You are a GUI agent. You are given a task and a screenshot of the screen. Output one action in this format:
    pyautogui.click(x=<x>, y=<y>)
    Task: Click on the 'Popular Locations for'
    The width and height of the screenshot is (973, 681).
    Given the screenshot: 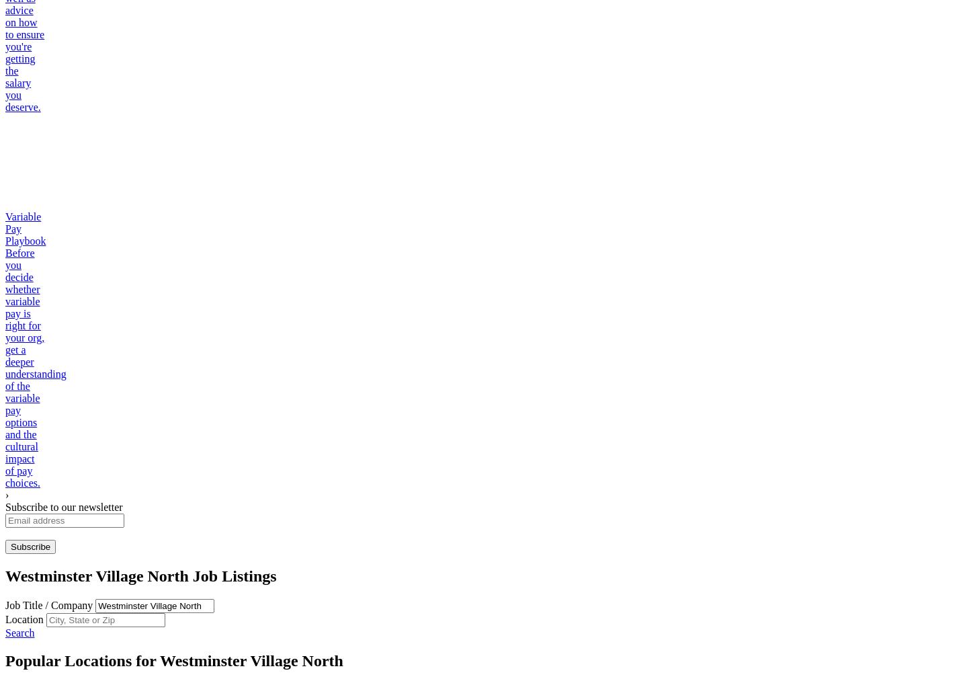 What is the action you would take?
    pyautogui.click(x=5, y=661)
    